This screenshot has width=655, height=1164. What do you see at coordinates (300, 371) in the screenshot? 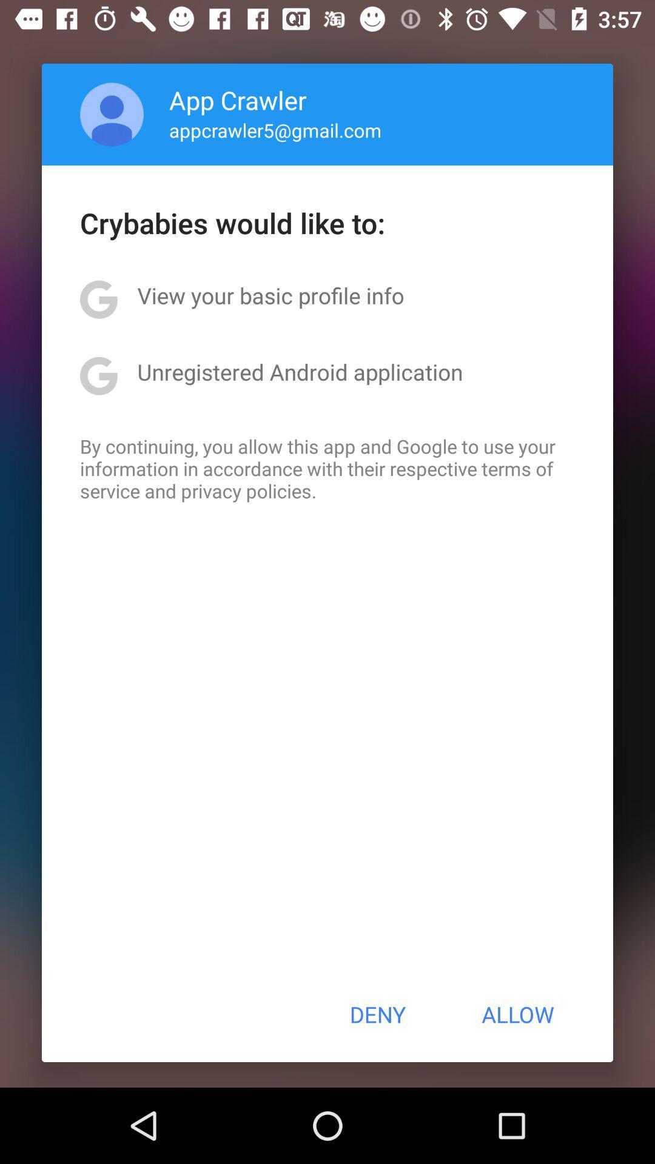
I see `icon below view your basic` at bounding box center [300, 371].